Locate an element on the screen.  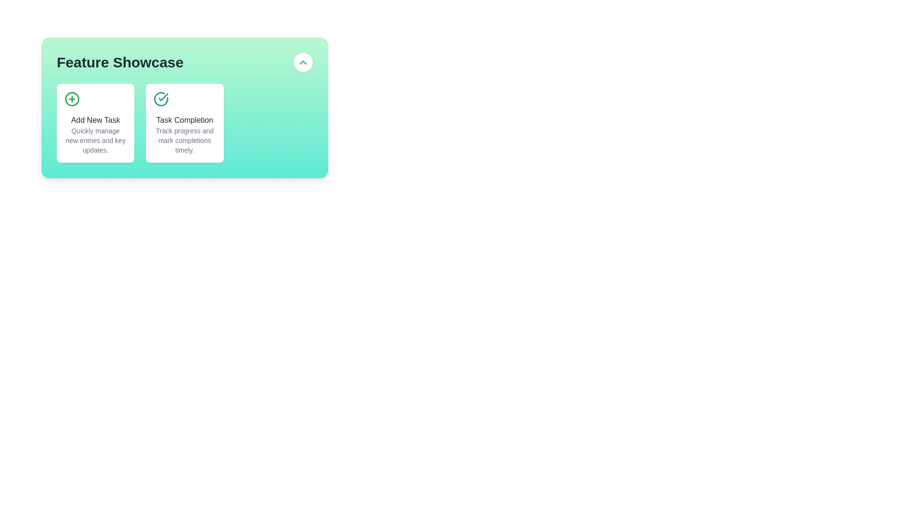
the panel in the 'Feature Showcase' that allows users is located at coordinates (185, 122).